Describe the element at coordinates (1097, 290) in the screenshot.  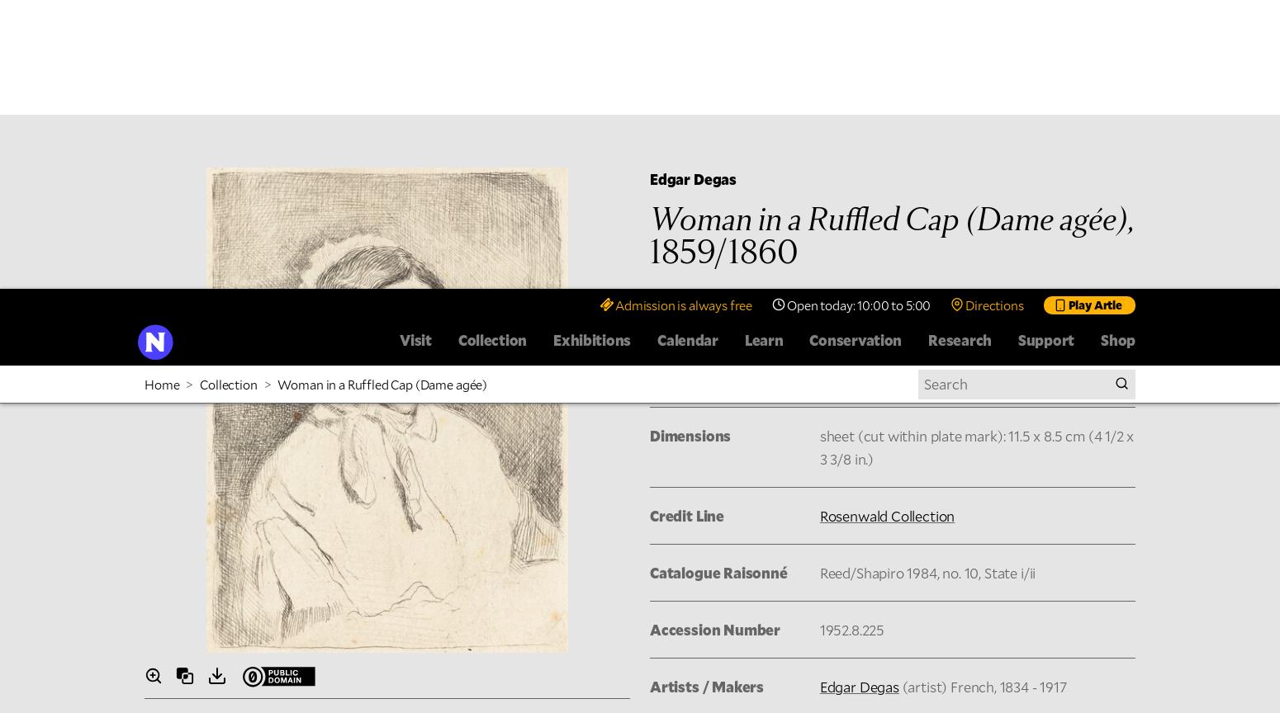
I see `'.'` at that location.